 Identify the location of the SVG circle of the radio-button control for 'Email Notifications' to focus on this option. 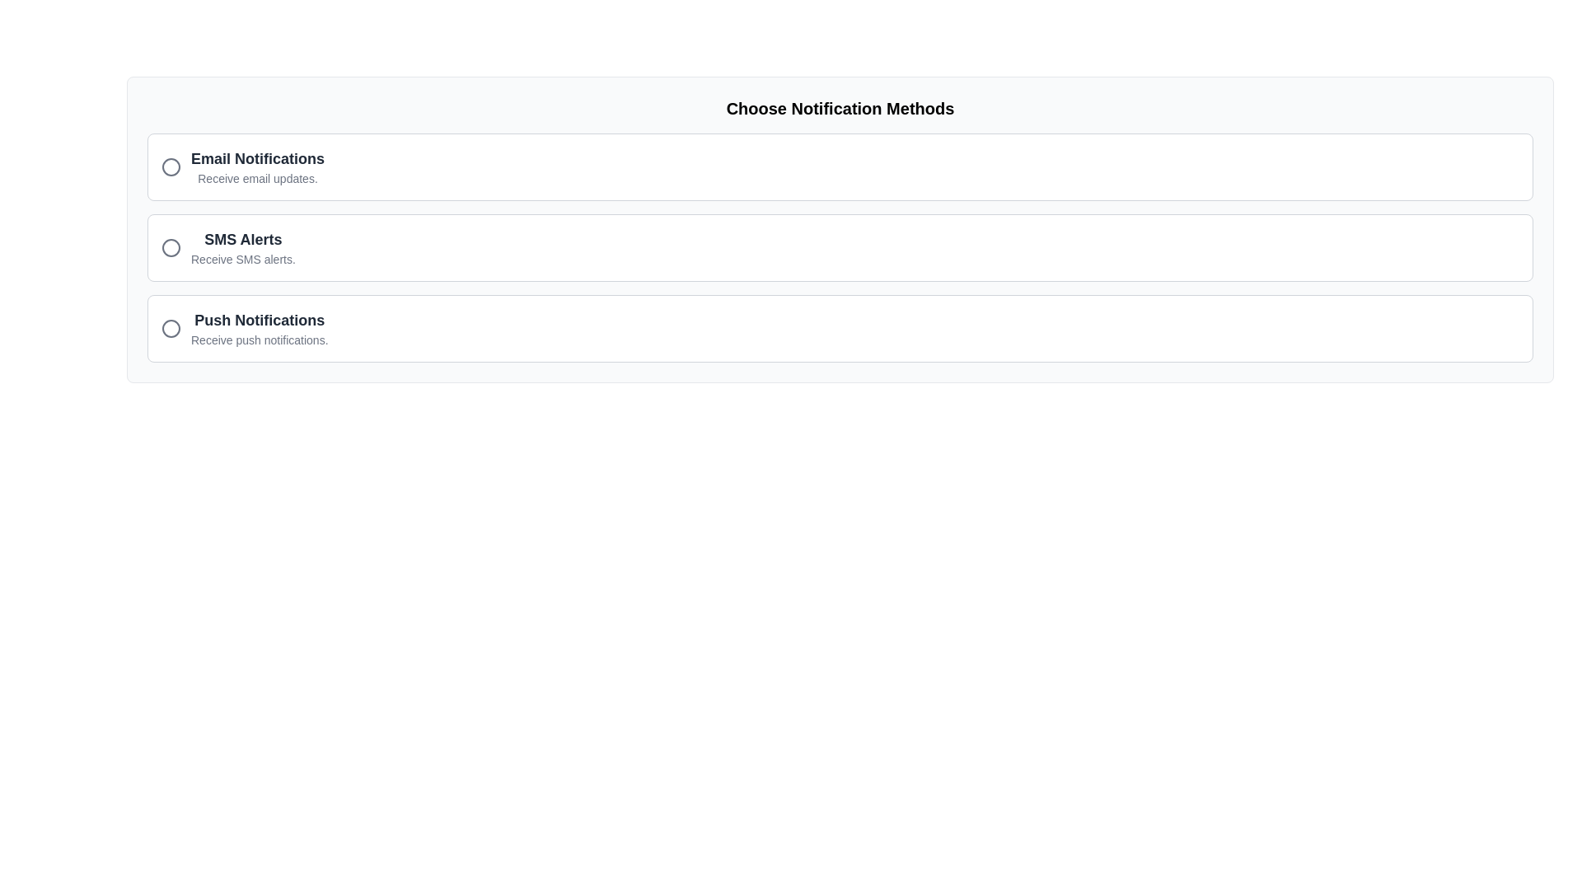
(171, 167).